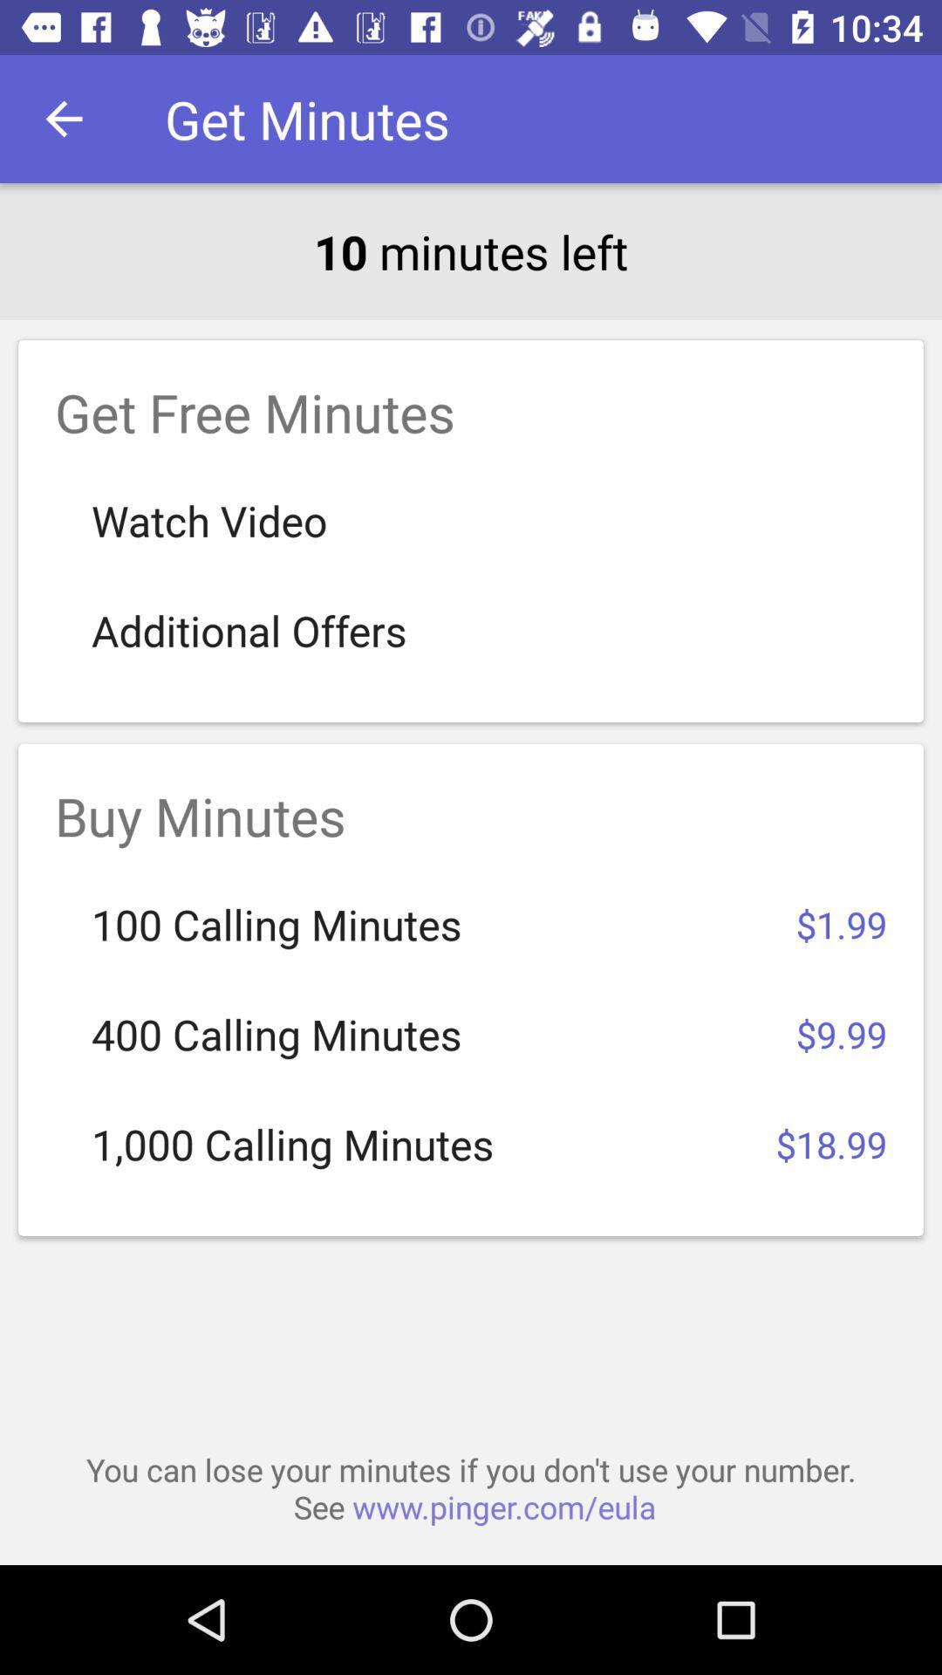 The height and width of the screenshot is (1675, 942). I want to click on the second boxed segment, so click(471, 989).